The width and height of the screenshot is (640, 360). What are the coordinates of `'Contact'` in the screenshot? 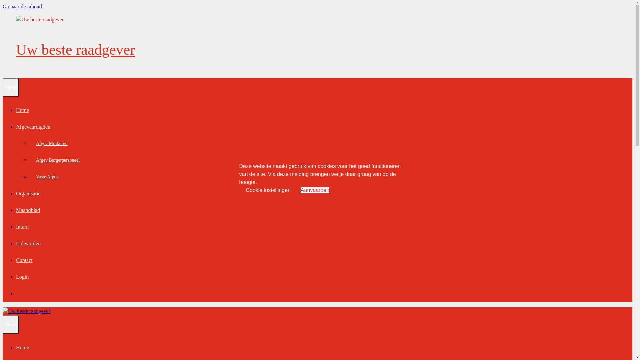 It's located at (24, 260).